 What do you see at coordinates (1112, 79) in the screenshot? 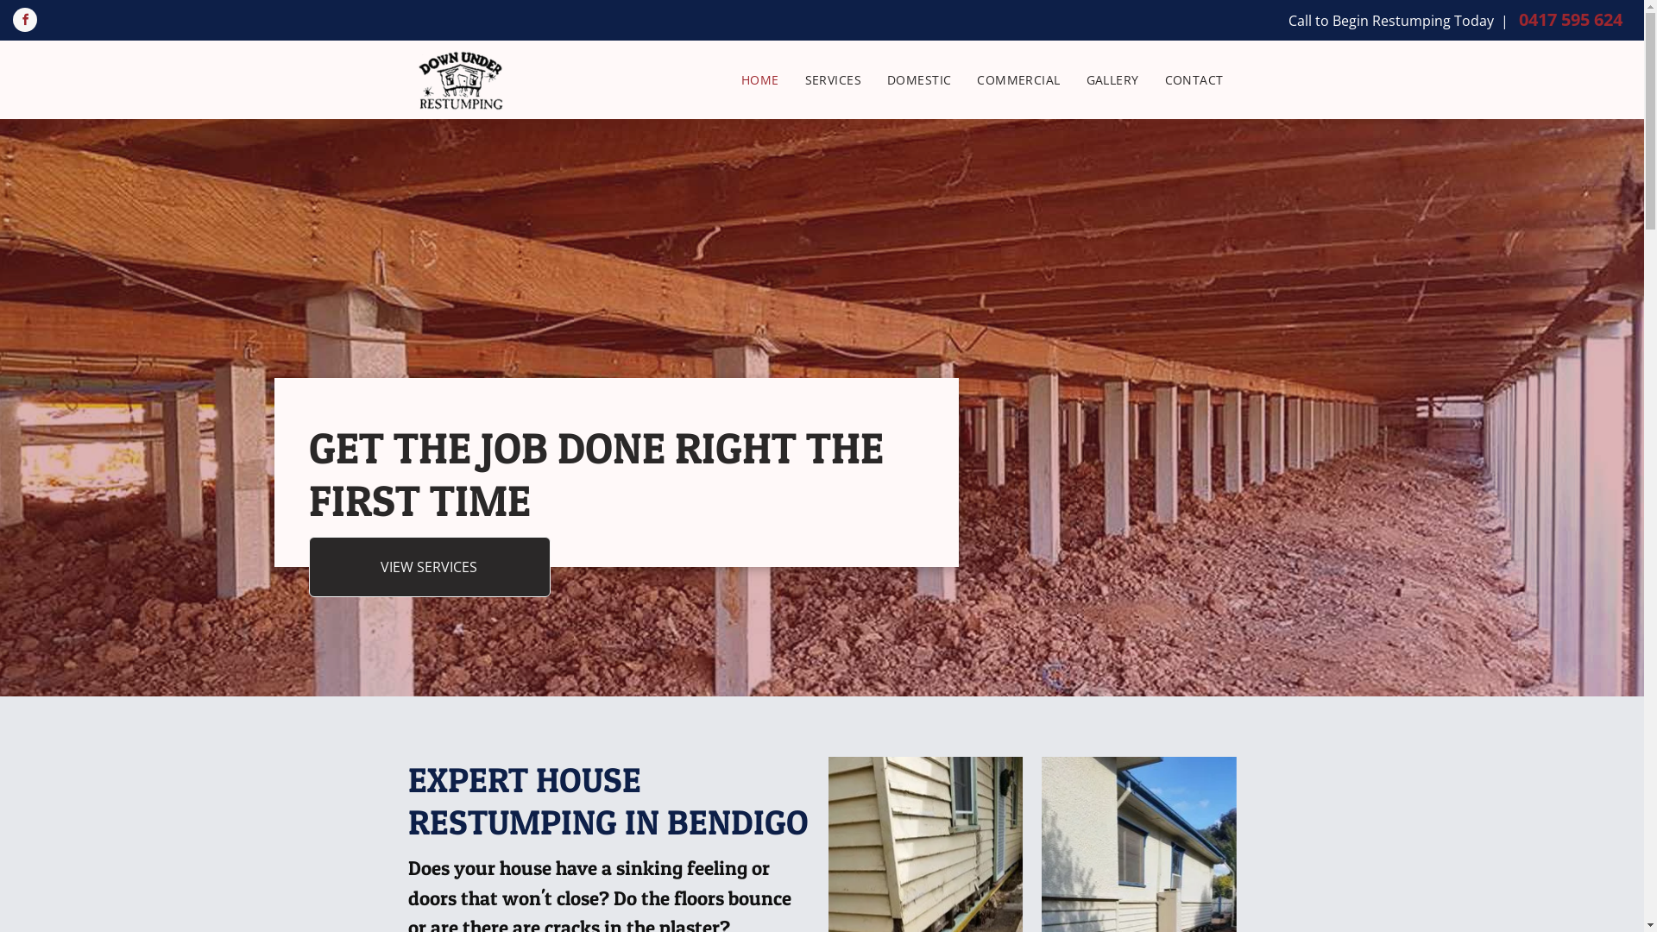
I see `'GALLERY'` at bounding box center [1112, 79].